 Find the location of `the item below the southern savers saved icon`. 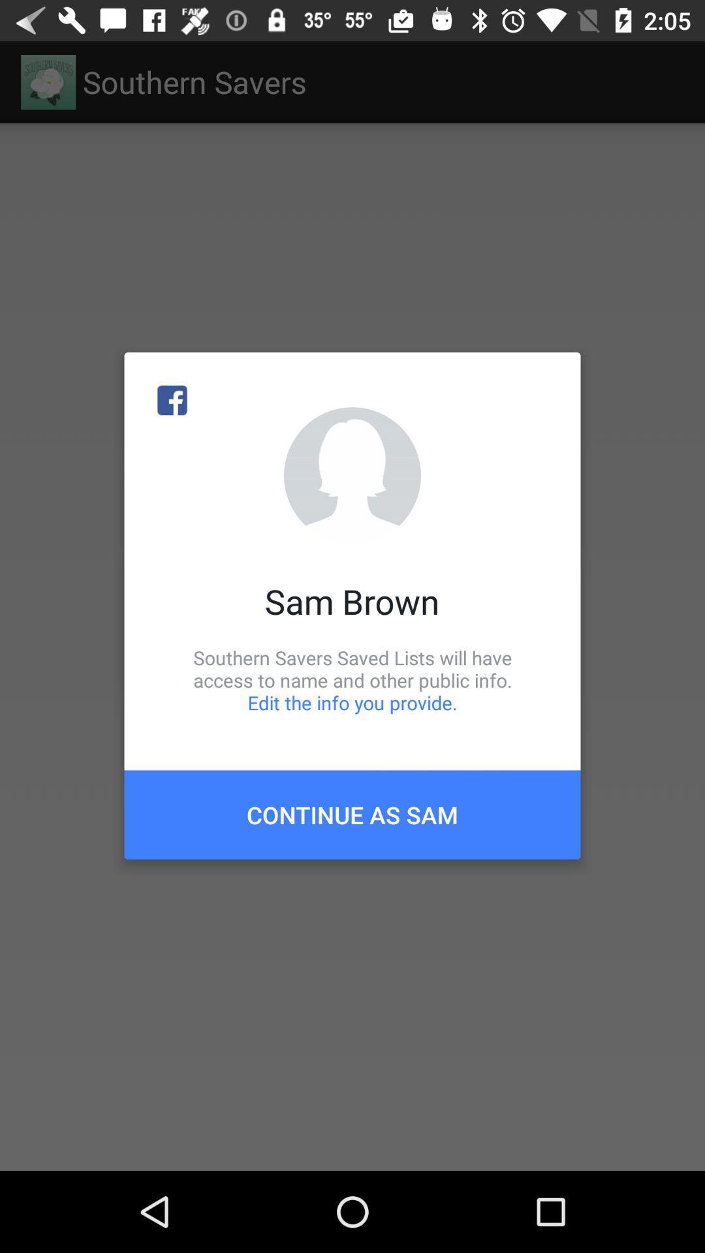

the item below the southern savers saved icon is located at coordinates (352, 814).